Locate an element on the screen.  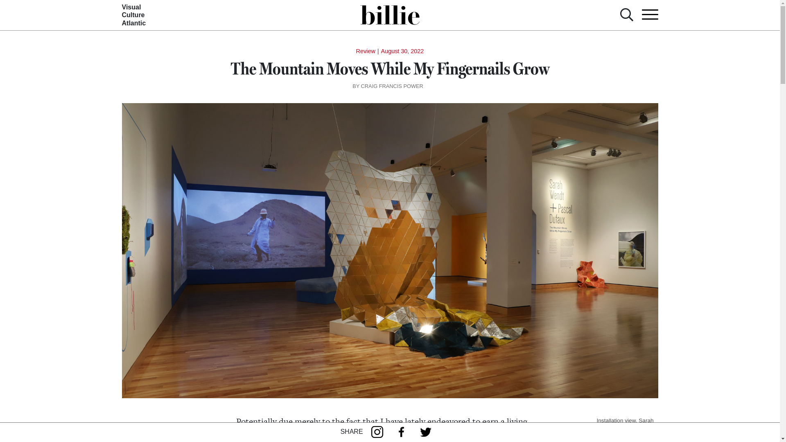
'Facebook' is located at coordinates (403, 432).